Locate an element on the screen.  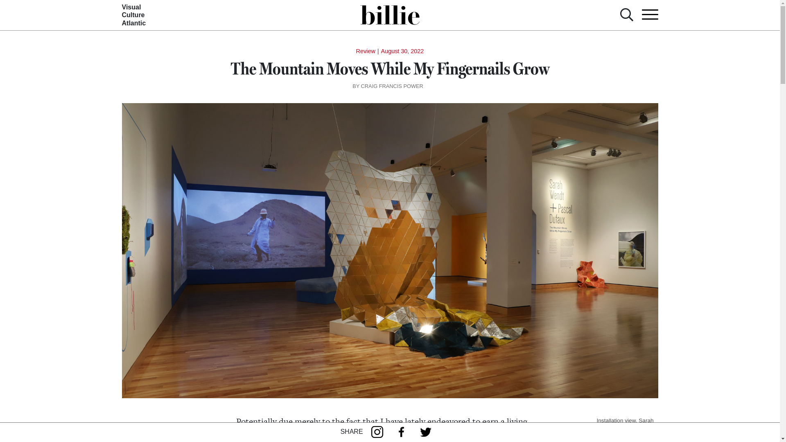
'Facebook' is located at coordinates (403, 432).